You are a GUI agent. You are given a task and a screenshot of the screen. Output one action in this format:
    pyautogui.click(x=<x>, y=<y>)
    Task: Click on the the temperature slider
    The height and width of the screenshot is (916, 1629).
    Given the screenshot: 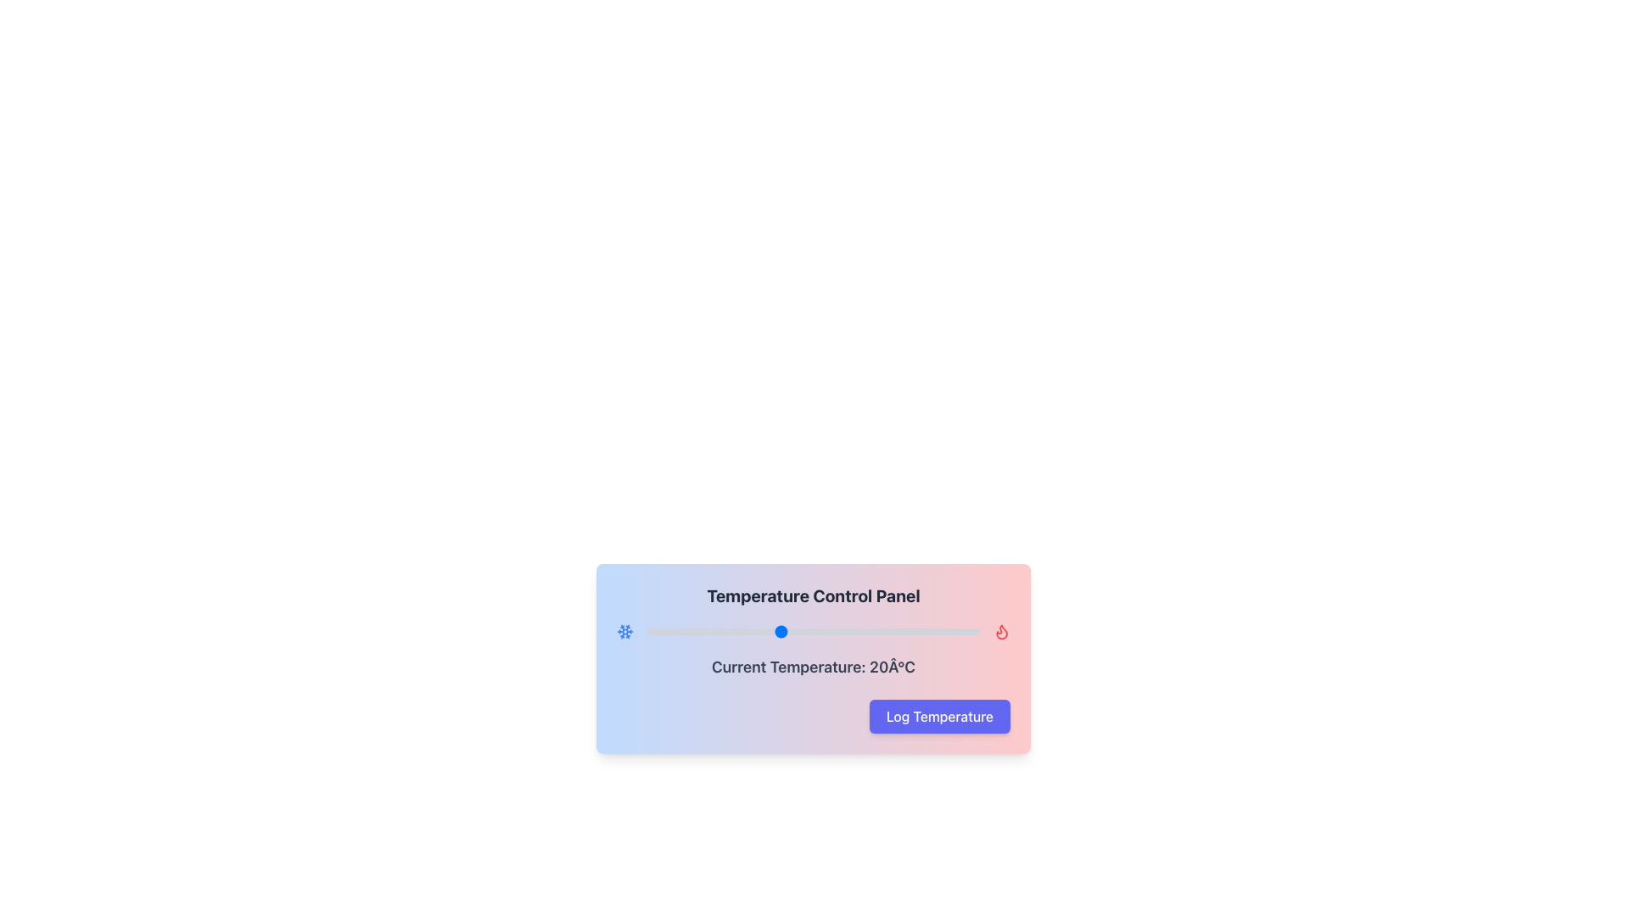 What is the action you would take?
    pyautogui.click(x=945, y=631)
    